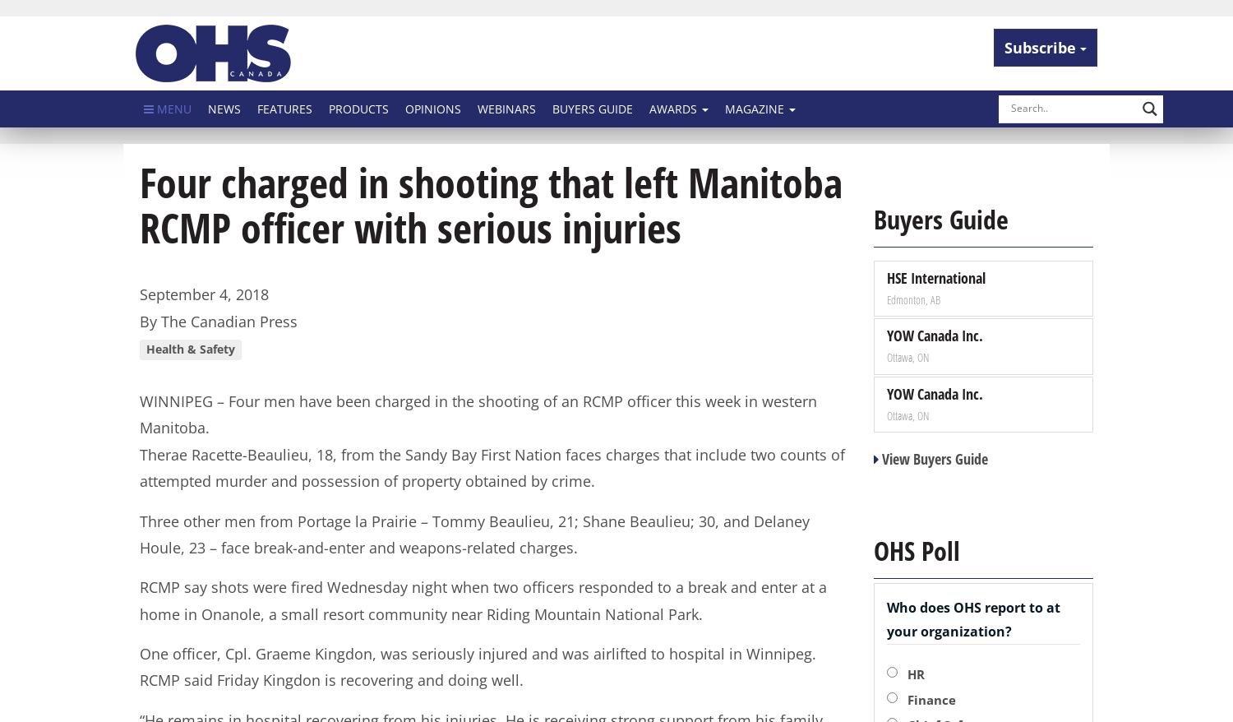  What do you see at coordinates (139, 653) in the screenshot?
I see `'One officer, Cpl. Graeme Kingdon, was seriously injured and was airlifted to hospital in Winnipeg.'` at bounding box center [139, 653].